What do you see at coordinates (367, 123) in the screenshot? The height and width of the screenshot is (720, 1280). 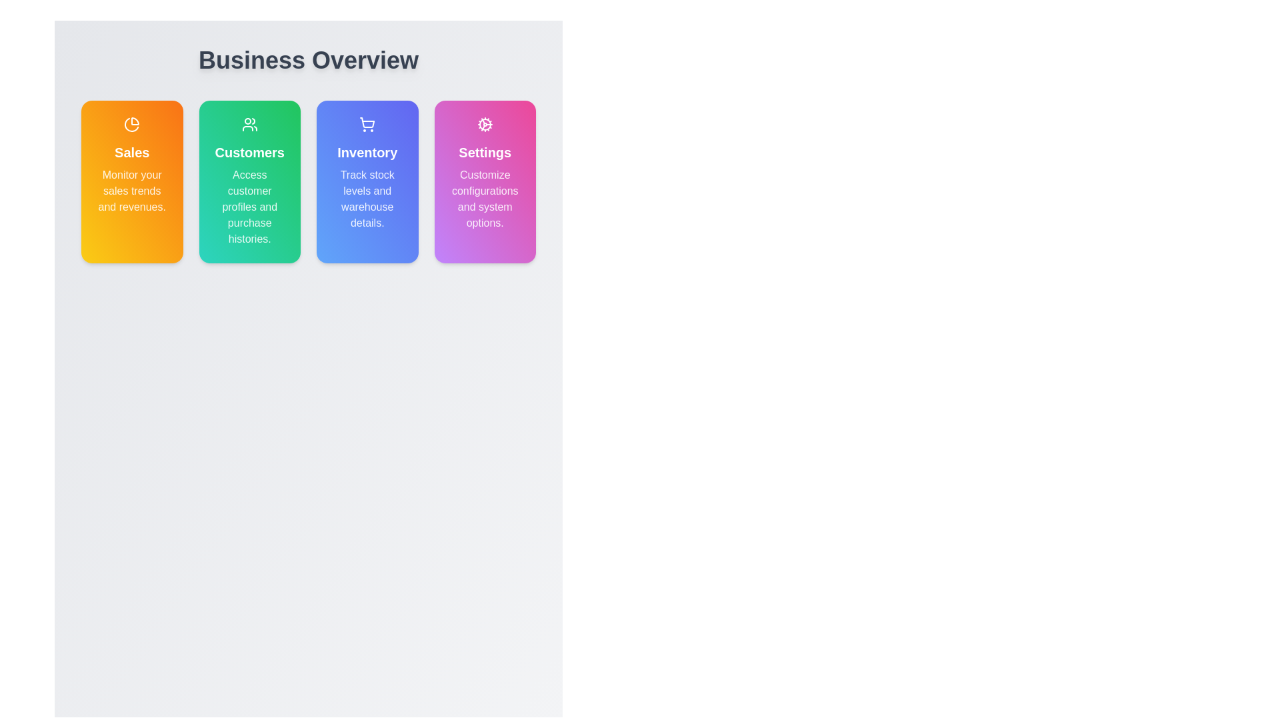 I see `the main body of the shopping cart icon located within the blue 'Inventory' card` at bounding box center [367, 123].